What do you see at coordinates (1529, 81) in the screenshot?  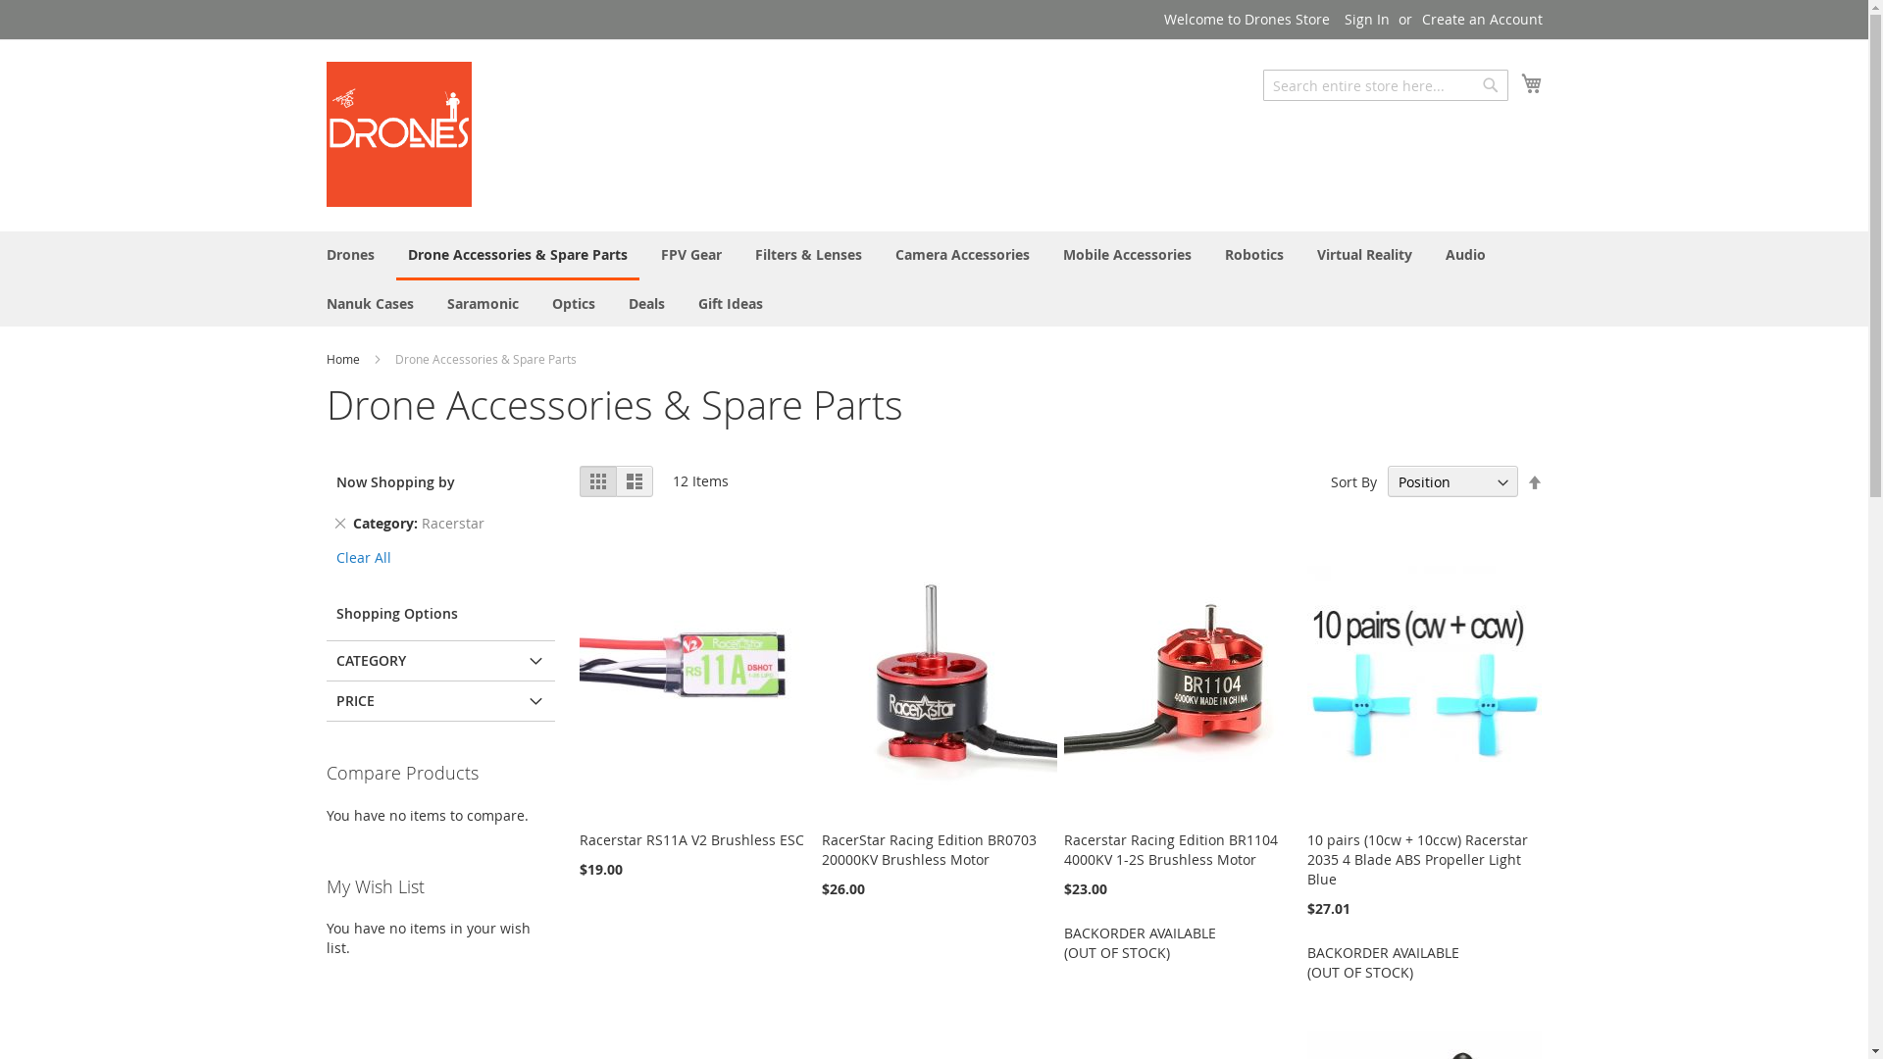 I see `'My Cart'` at bounding box center [1529, 81].